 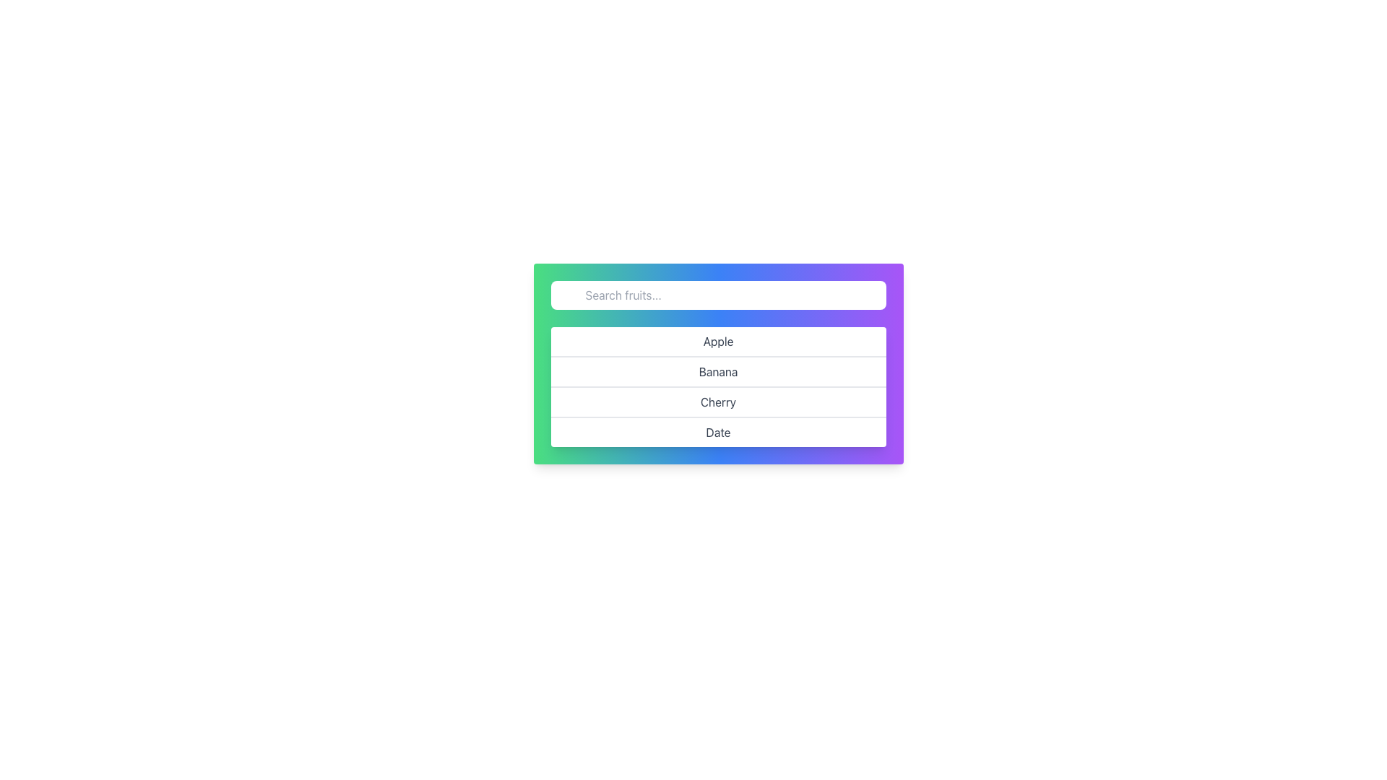 I want to click on the 'Cherry' label in the vertical list, which is the third item below 'Banana' and above 'Date', so click(x=718, y=401).